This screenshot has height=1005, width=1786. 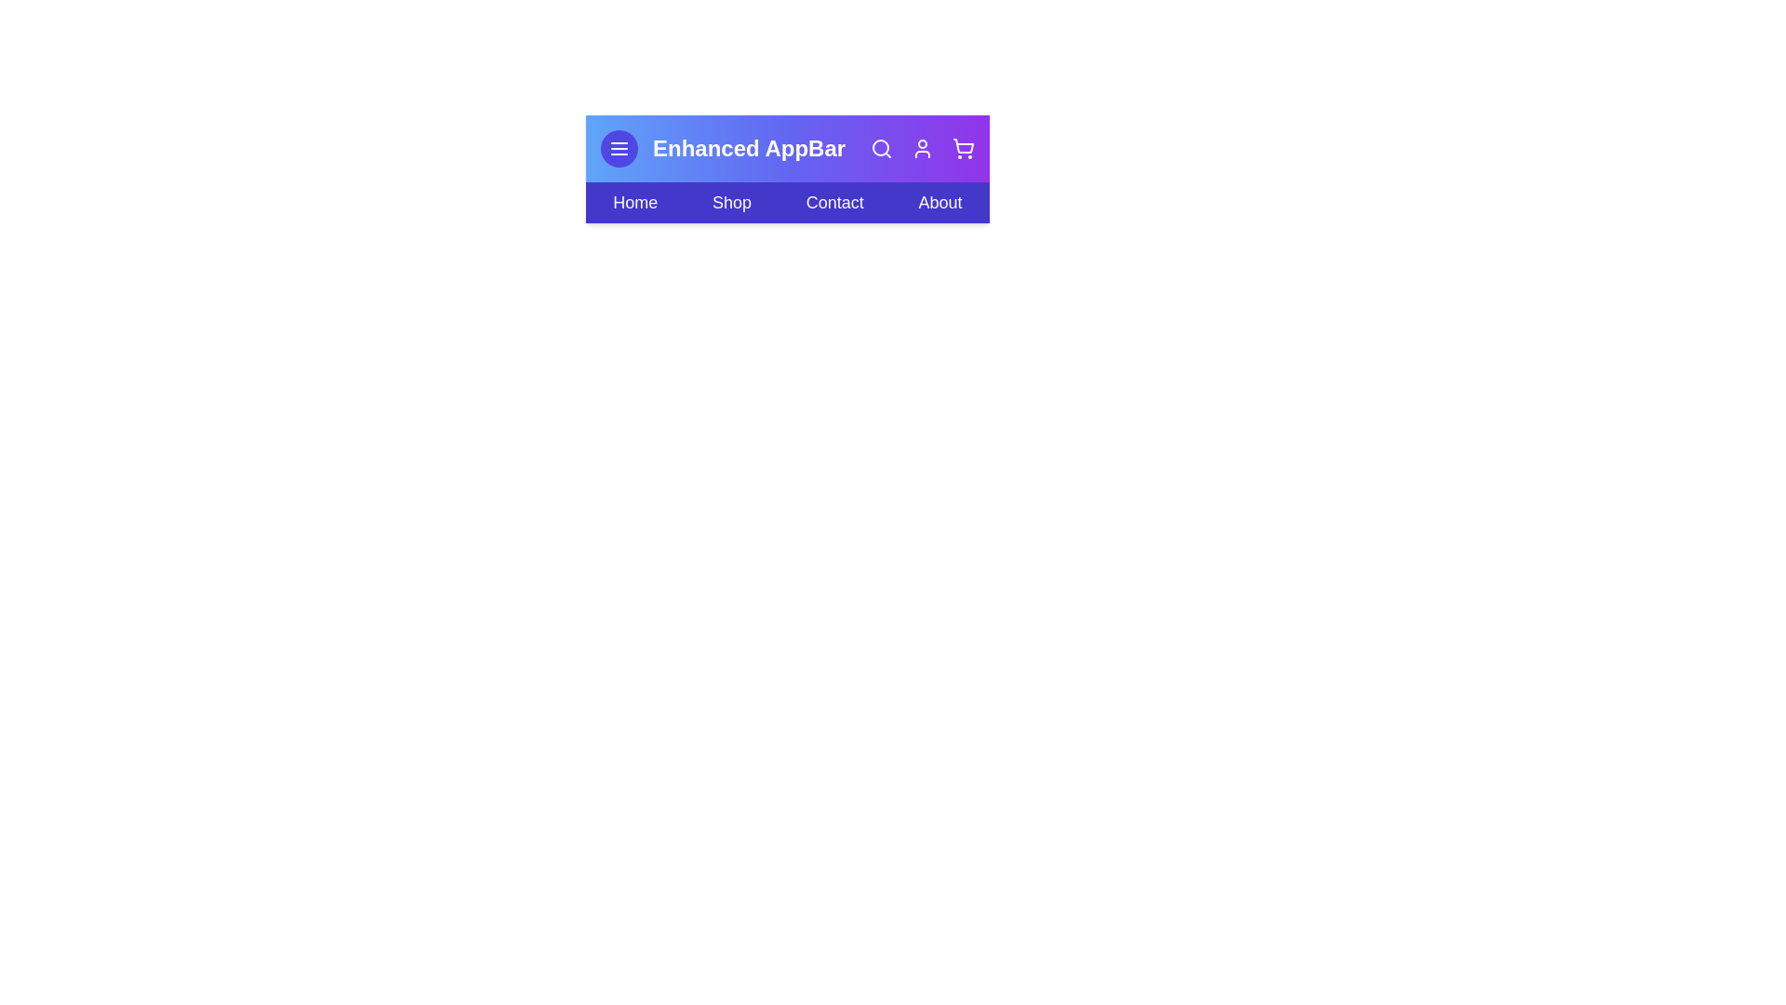 What do you see at coordinates (634, 203) in the screenshot?
I see `the Home navigation link` at bounding box center [634, 203].